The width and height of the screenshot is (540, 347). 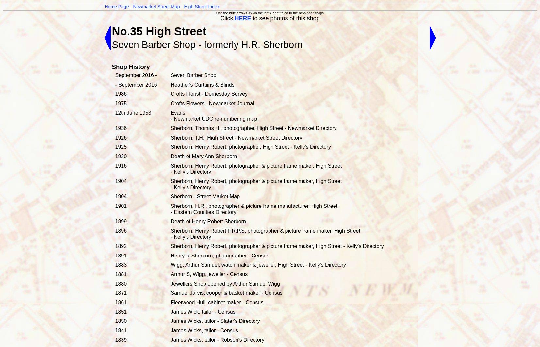 I want to click on '1925', so click(x=120, y=146).